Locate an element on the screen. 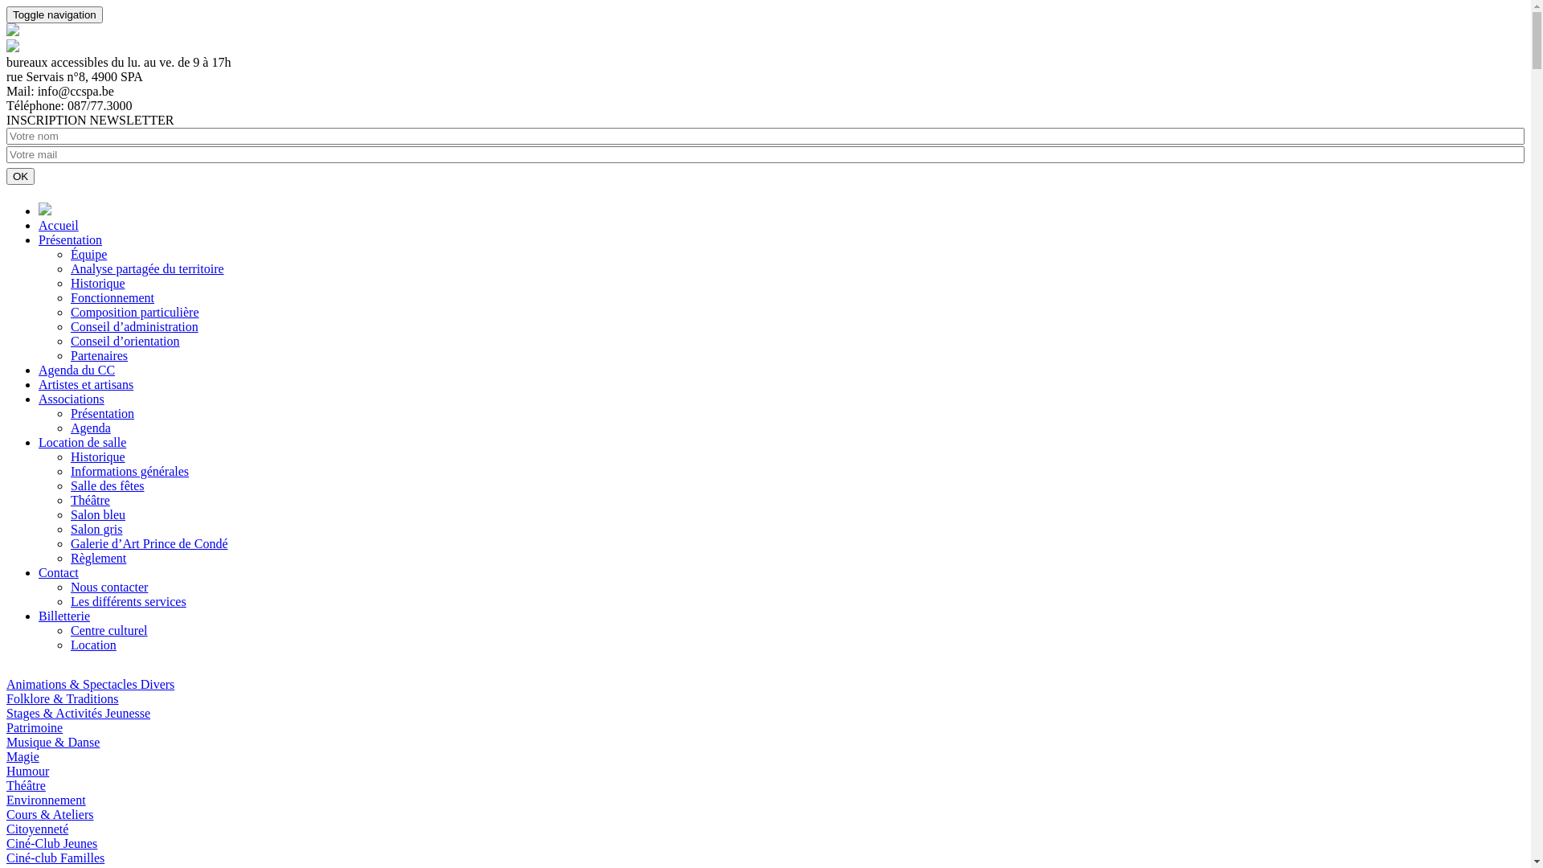  'Billetterie' is located at coordinates (64, 615).